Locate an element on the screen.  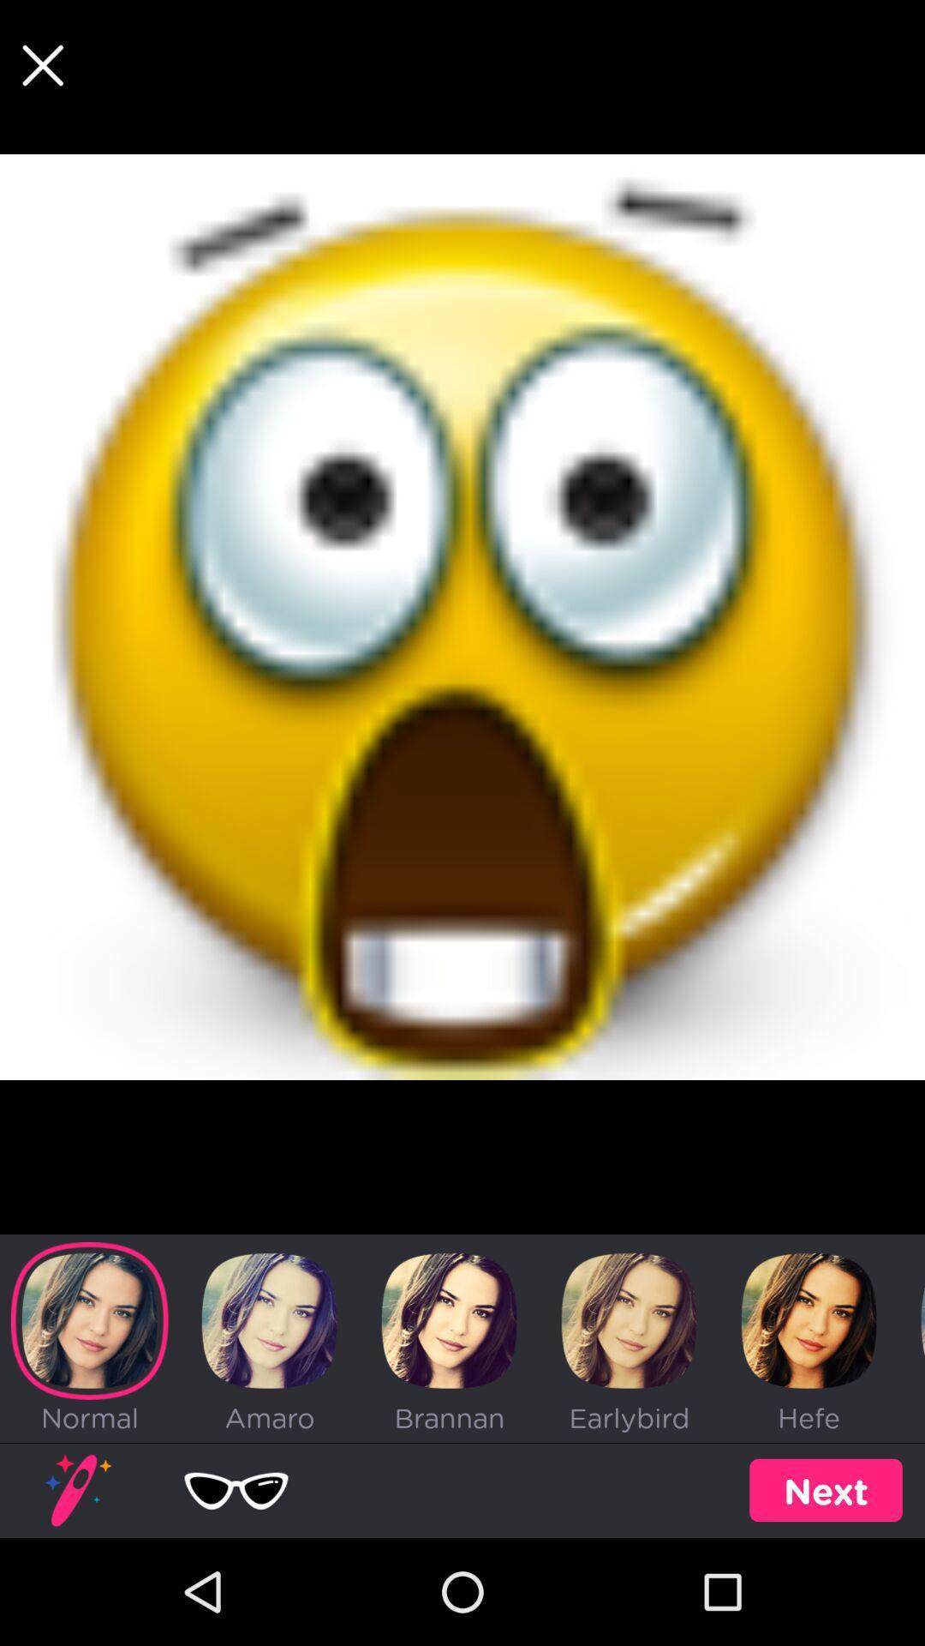
the image which is above normal is located at coordinates (89, 1319).